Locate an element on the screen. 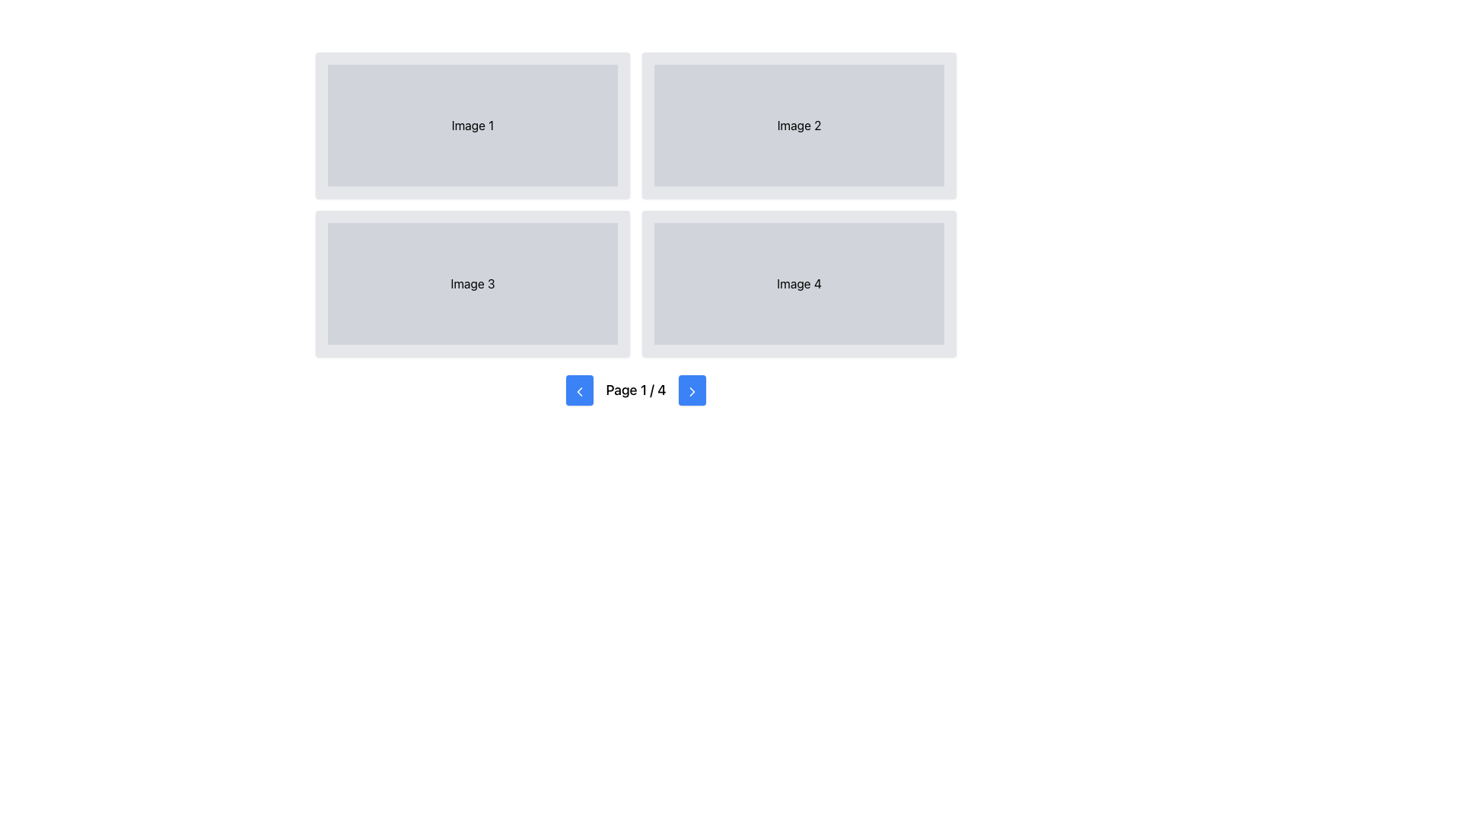 The width and height of the screenshot is (1461, 822). the Image Placeholder labeled 'Image 1', which is the first card in the top-left corner of a 2x2 grid layout is located at coordinates (472, 125).